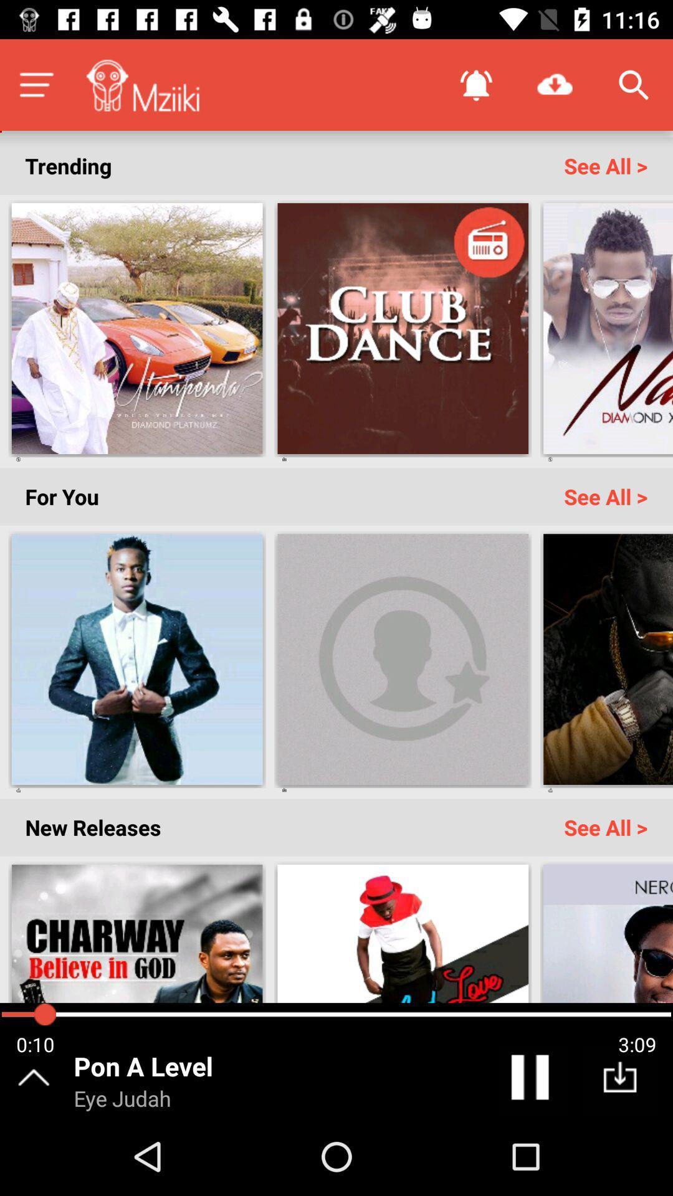  What do you see at coordinates (532, 1080) in the screenshot?
I see `pause music` at bounding box center [532, 1080].